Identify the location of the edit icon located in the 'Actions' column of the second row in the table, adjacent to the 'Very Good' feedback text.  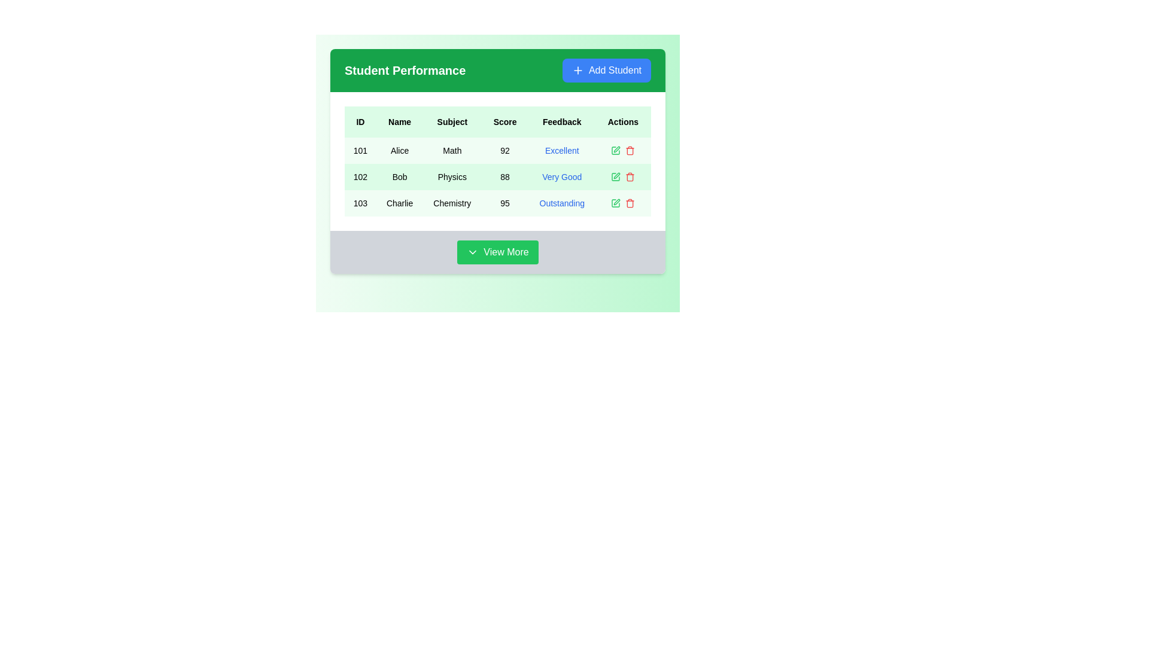
(617, 175).